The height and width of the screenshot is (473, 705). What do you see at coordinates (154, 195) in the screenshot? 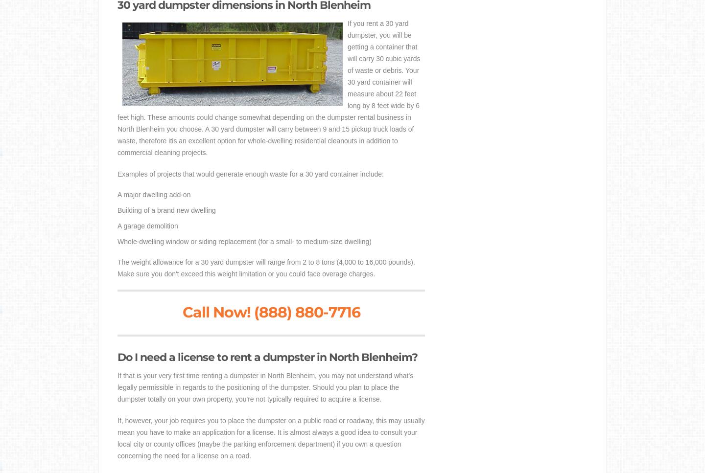
I see `'A major dwelling add-on'` at bounding box center [154, 195].